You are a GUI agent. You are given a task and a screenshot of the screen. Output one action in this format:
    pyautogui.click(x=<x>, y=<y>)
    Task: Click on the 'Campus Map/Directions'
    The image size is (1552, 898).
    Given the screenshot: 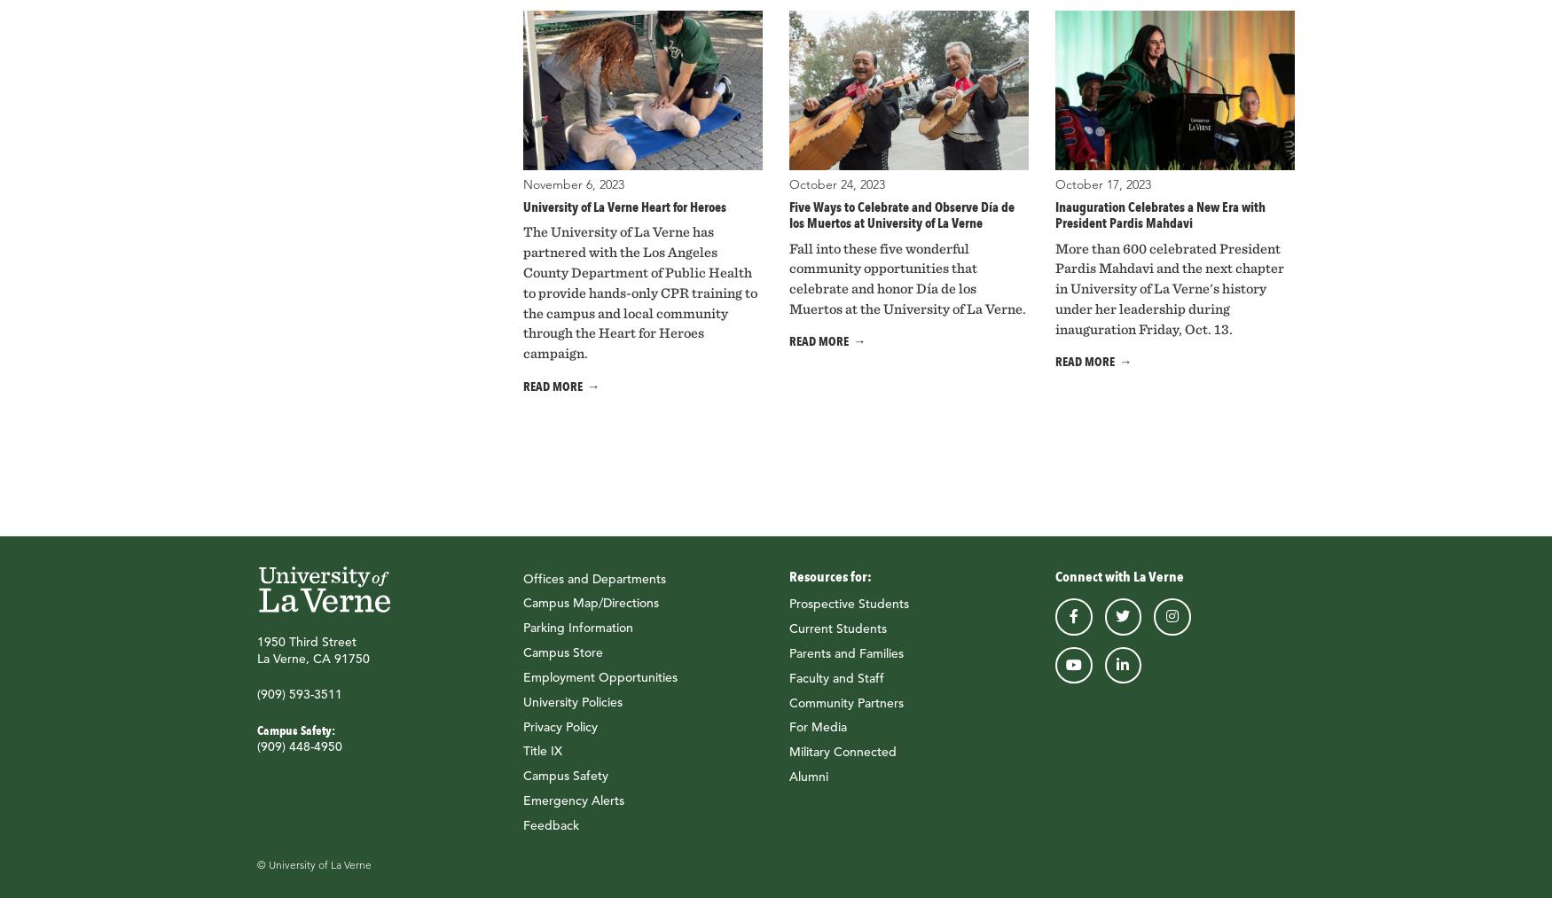 What is the action you would take?
    pyautogui.click(x=590, y=602)
    